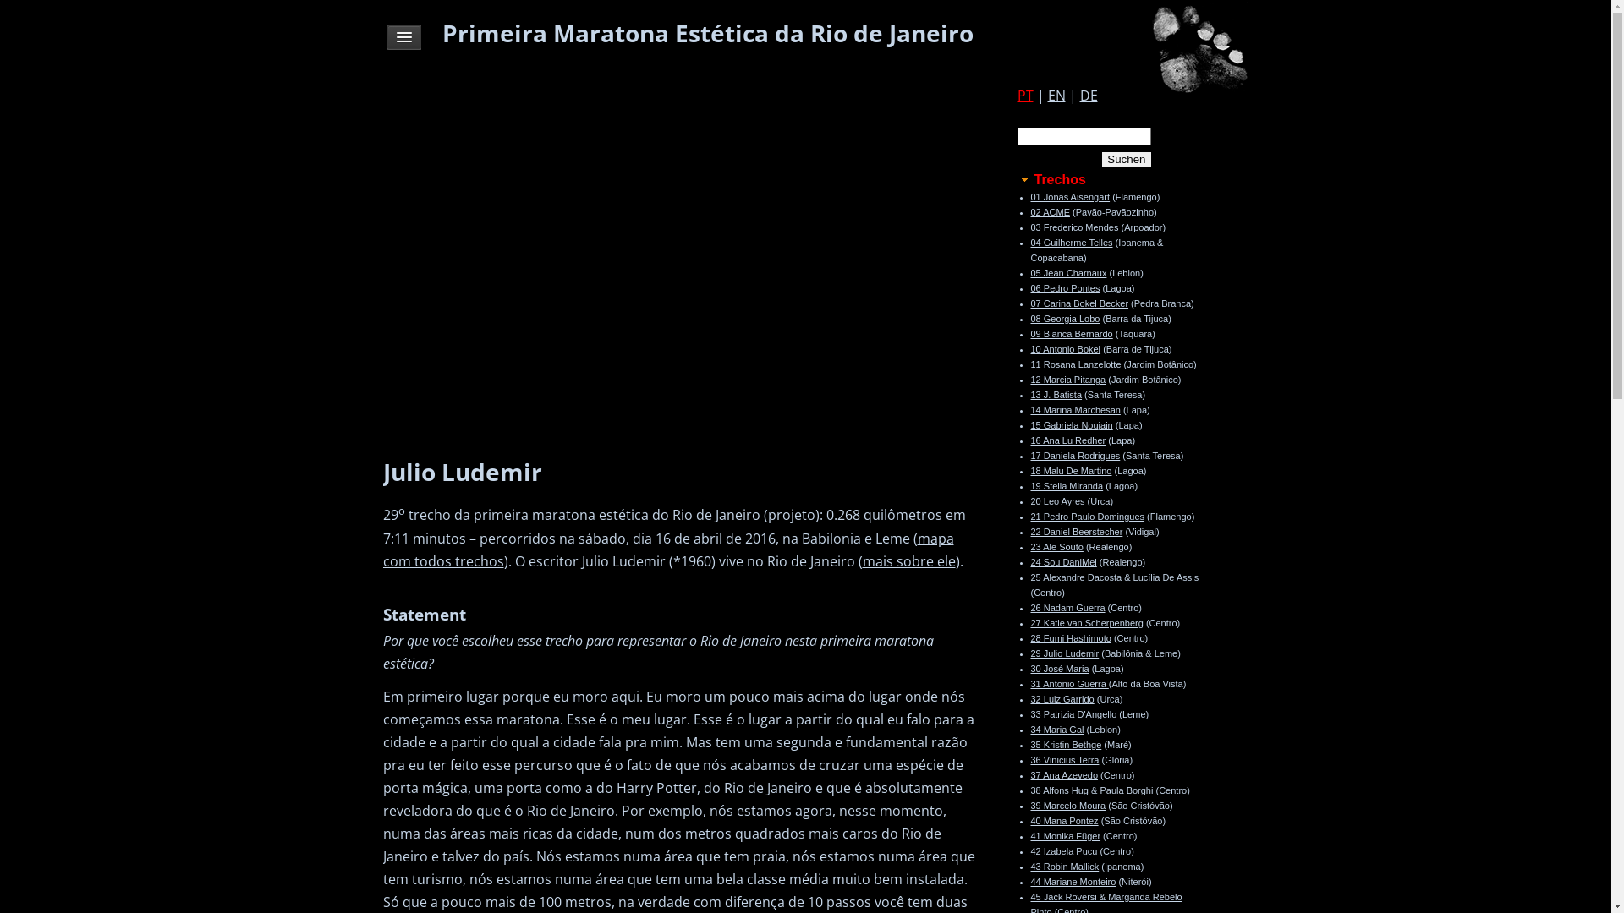 The image size is (1624, 913). Describe the element at coordinates (1088, 95) in the screenshot. I see `'DE'` at that location.